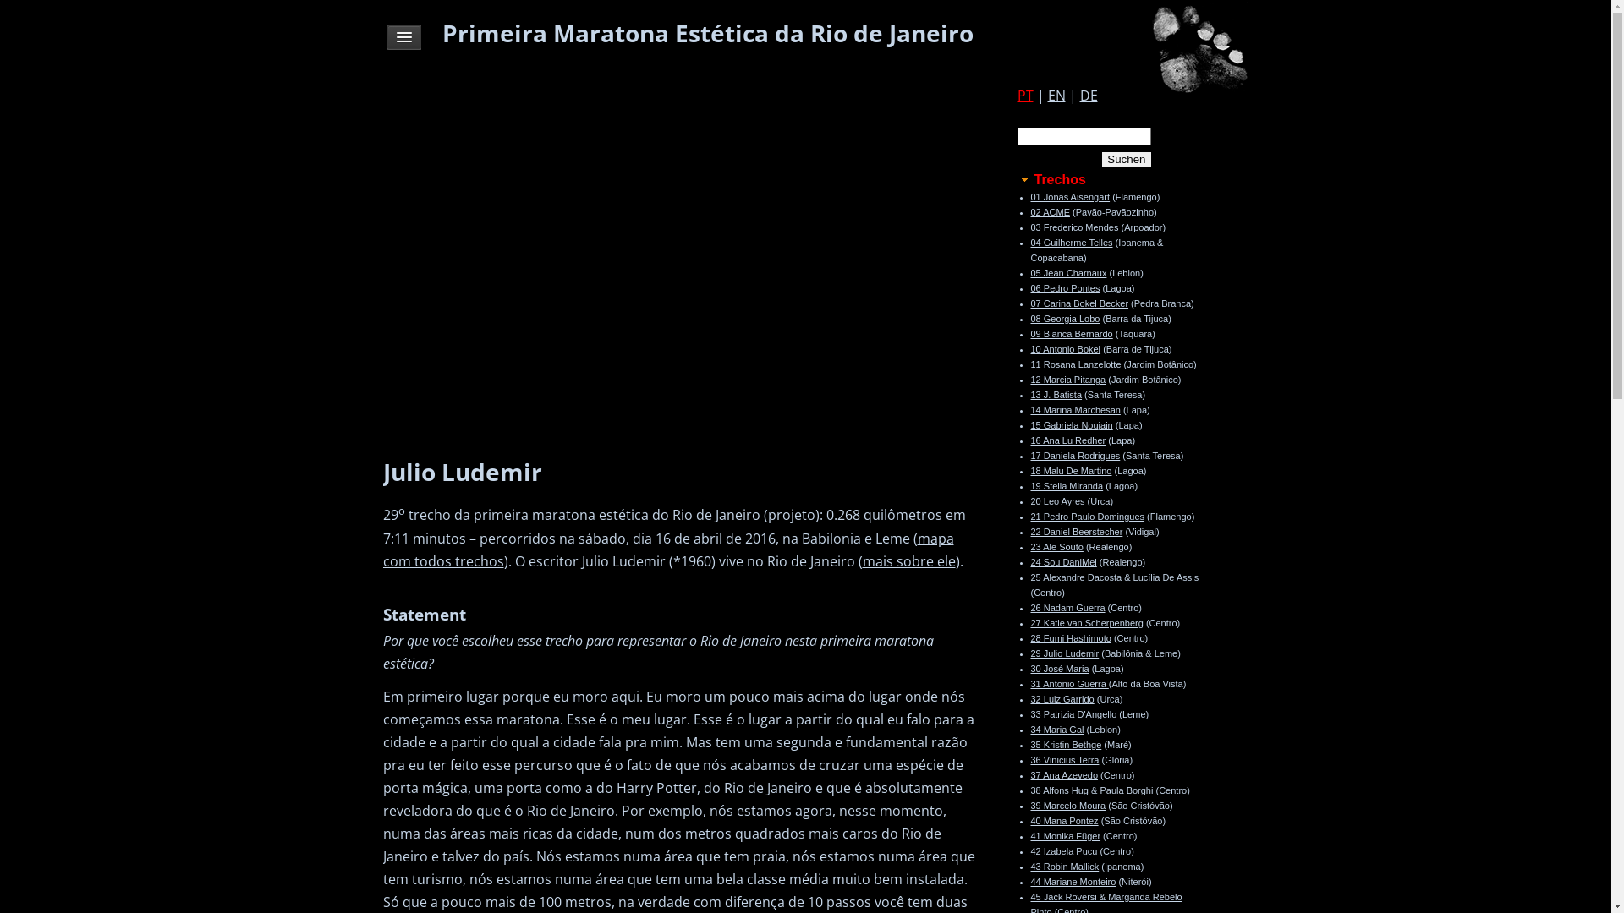 The image size is (1624, 913). Describe the element at coordinates (1088, 95) in the screenshot. I see `'DE'` at that location.